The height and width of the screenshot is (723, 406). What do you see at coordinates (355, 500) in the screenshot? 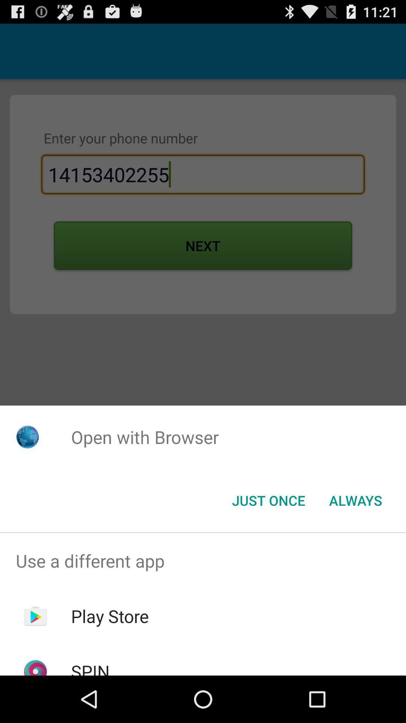
I see `the always button` at bounding box center [355, 500].